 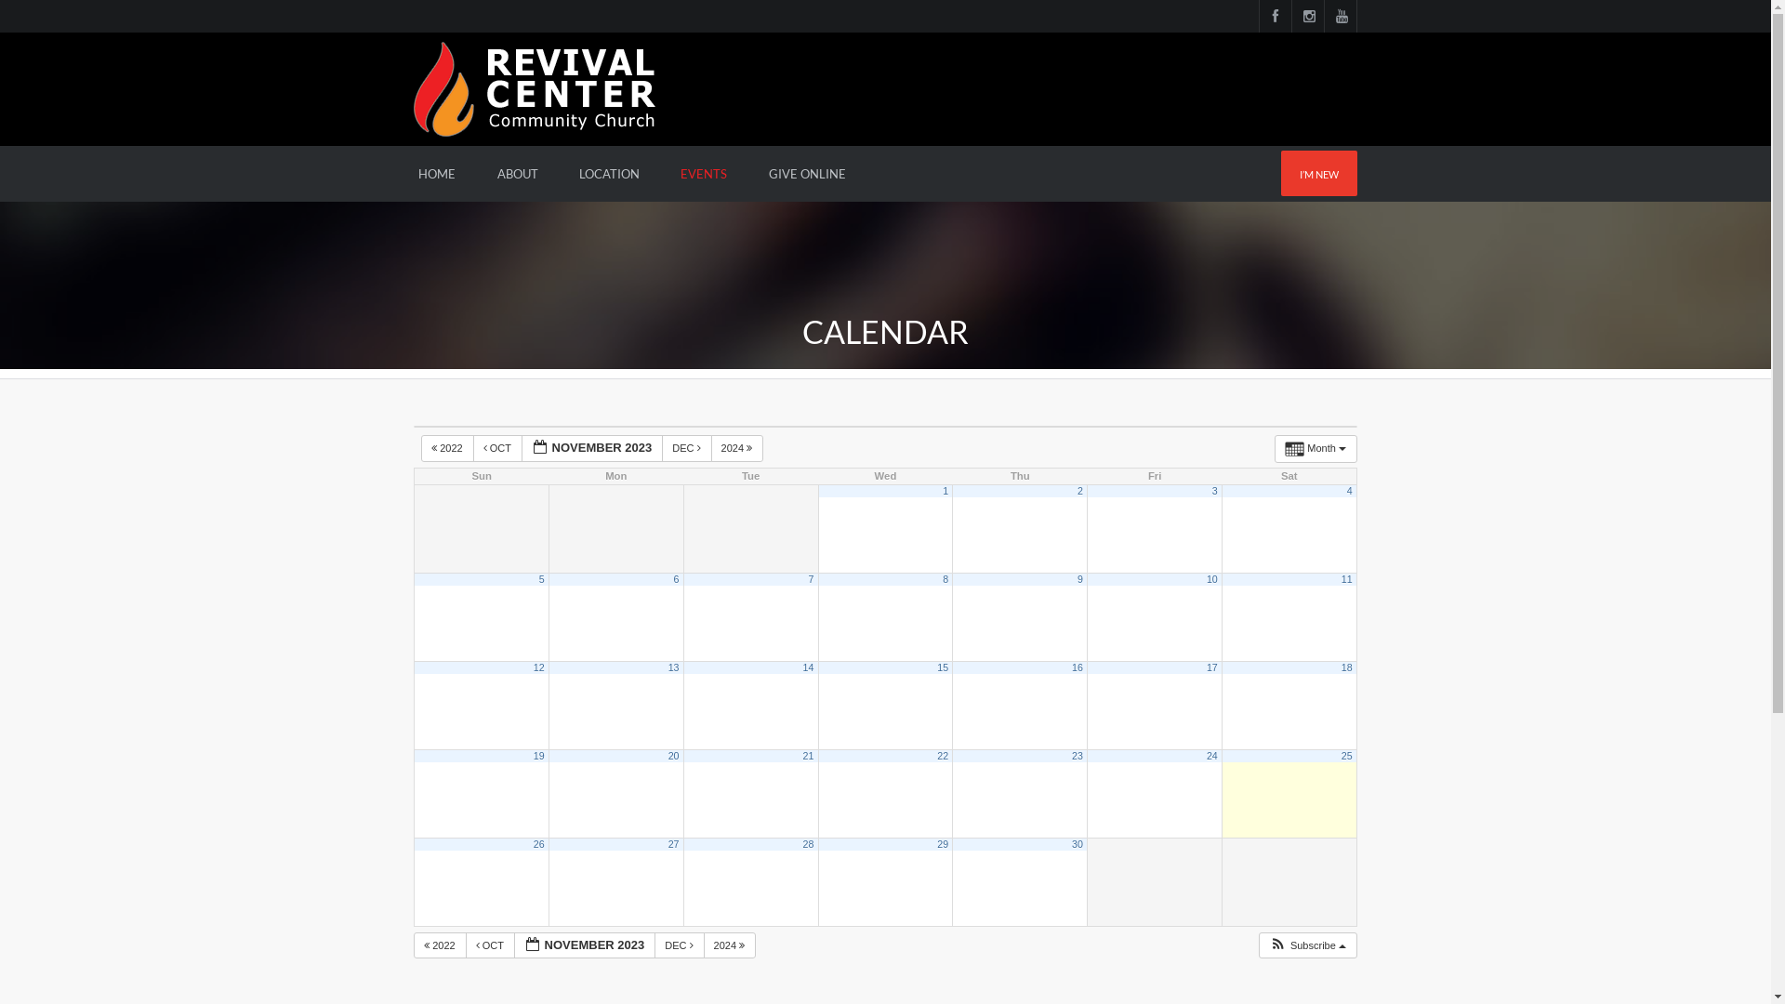 I want to click on 'Month', so click(x=1315, y=448).